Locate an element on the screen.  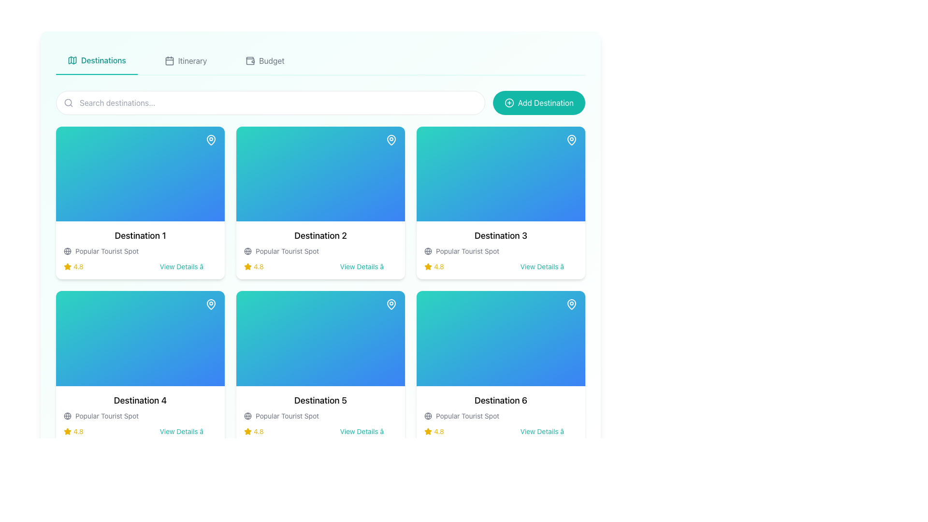
the circular part of the search icon, which serves as the lens of a magnifying glass, located near the top-center of the interface, left of the search bar is located at coordinates (68, 102).